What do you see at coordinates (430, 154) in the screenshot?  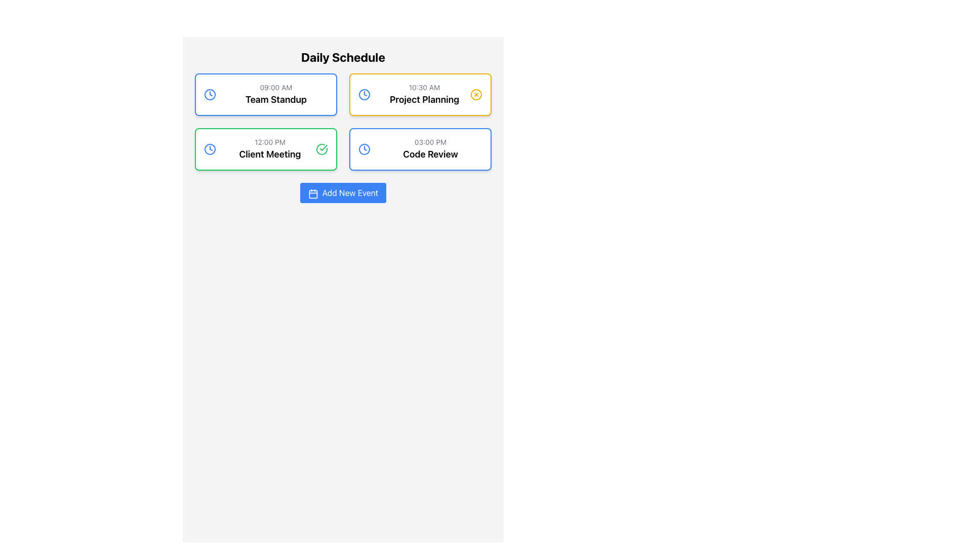 I see `the Text label located in the bottom-right of the schedule grid under the '03:00 PM' timestamp` at bounding box center [430, 154].